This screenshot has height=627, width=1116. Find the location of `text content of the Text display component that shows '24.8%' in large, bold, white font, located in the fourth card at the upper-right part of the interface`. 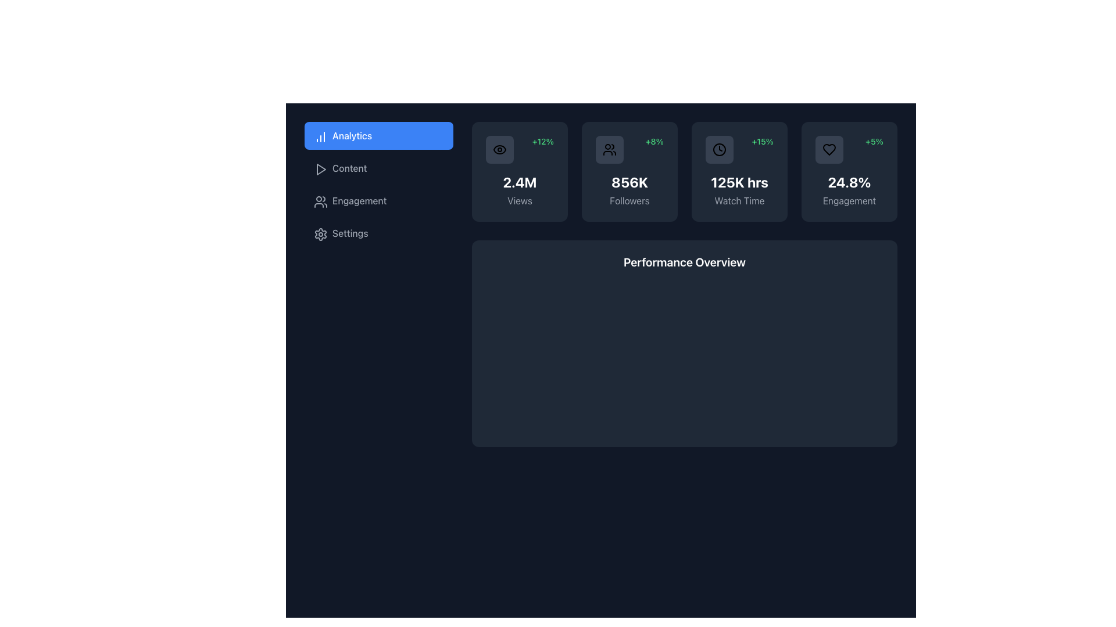

text content of the Text display component that shows '24.8%' in large, bold, white font, located in the fourth card at the upper-right part of the interface is located at coordinates (849, 182).